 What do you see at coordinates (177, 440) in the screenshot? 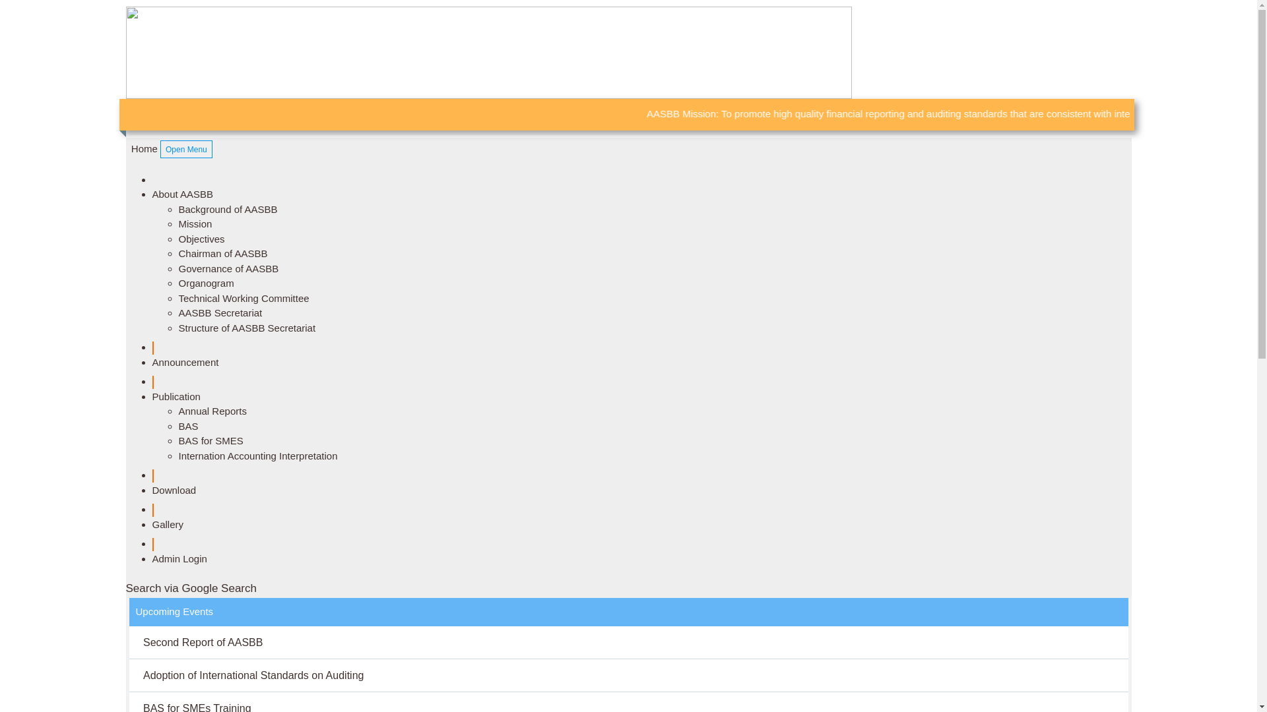
I see `'BAS for SMES'` at bounding box center [177, 440].